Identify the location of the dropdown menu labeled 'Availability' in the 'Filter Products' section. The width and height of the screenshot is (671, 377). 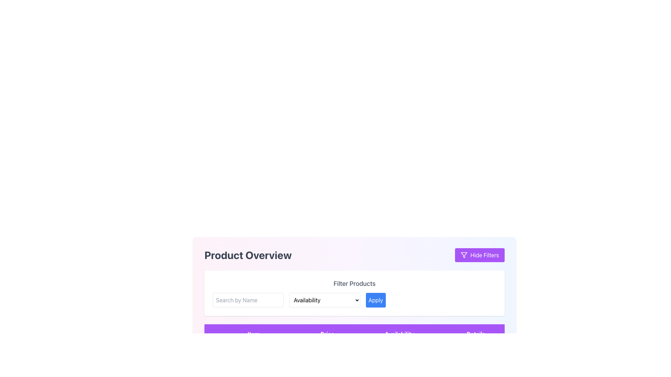
(354, 293).